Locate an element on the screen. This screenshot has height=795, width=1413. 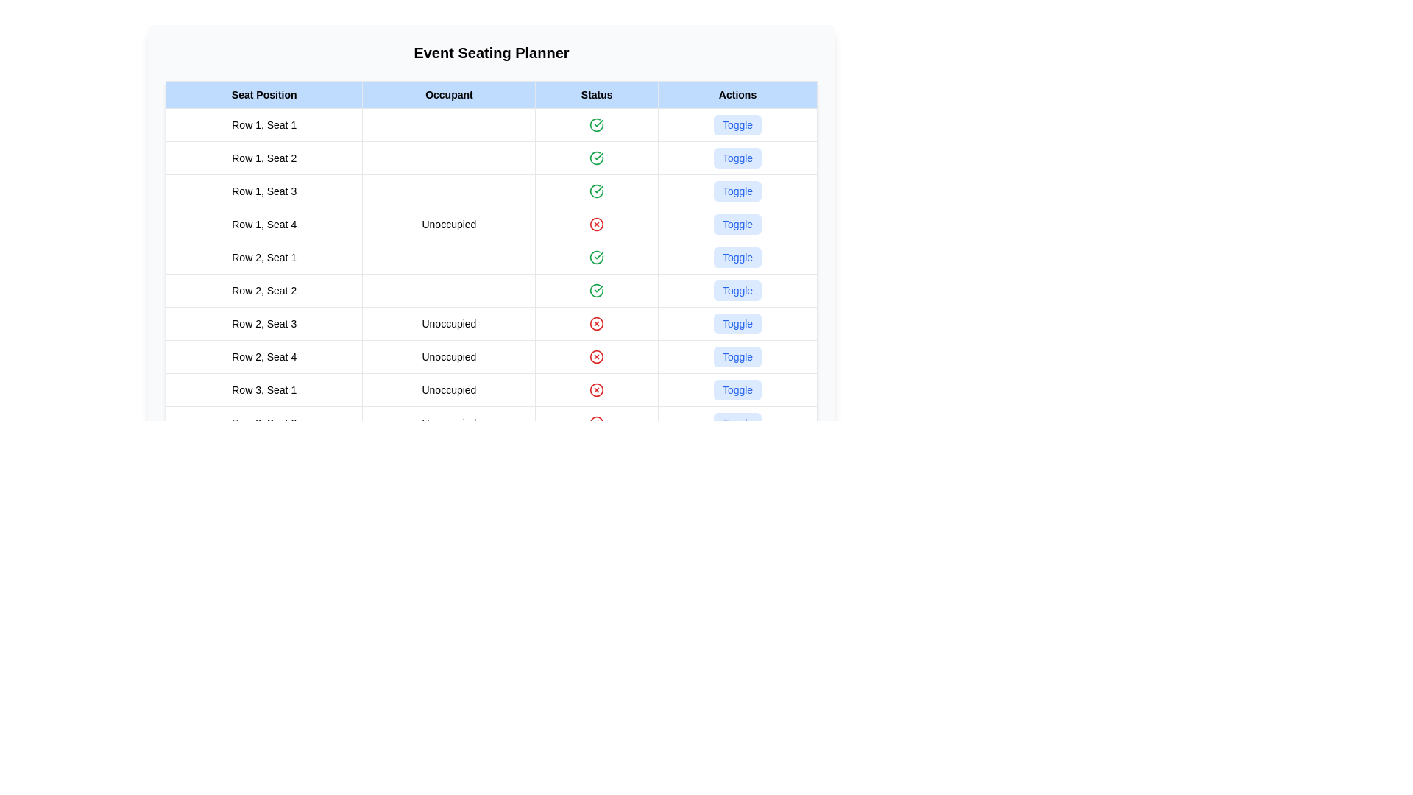
the toggle button in the table row labeled 'Row 3, Seat 2' is located at coordinates (491, 423).